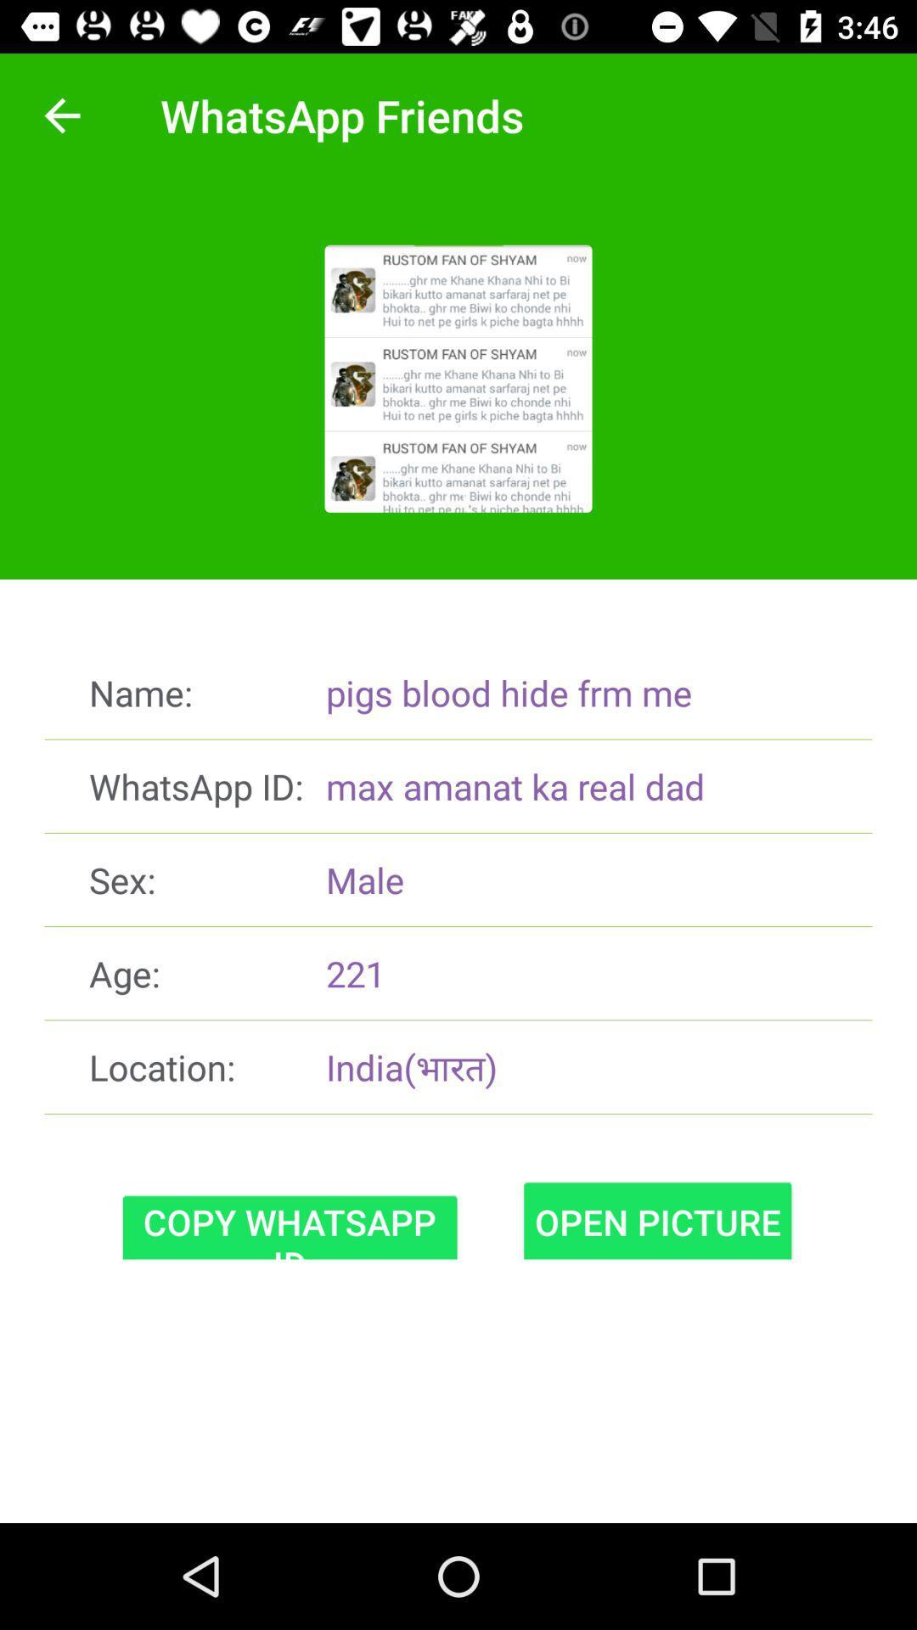 Image resolution: width=917 pixels, height=1630 pixels. Describe the element at coordinates (61, 115) in the screenshot. I see `the item next to whatsapp friends icon` at that location.